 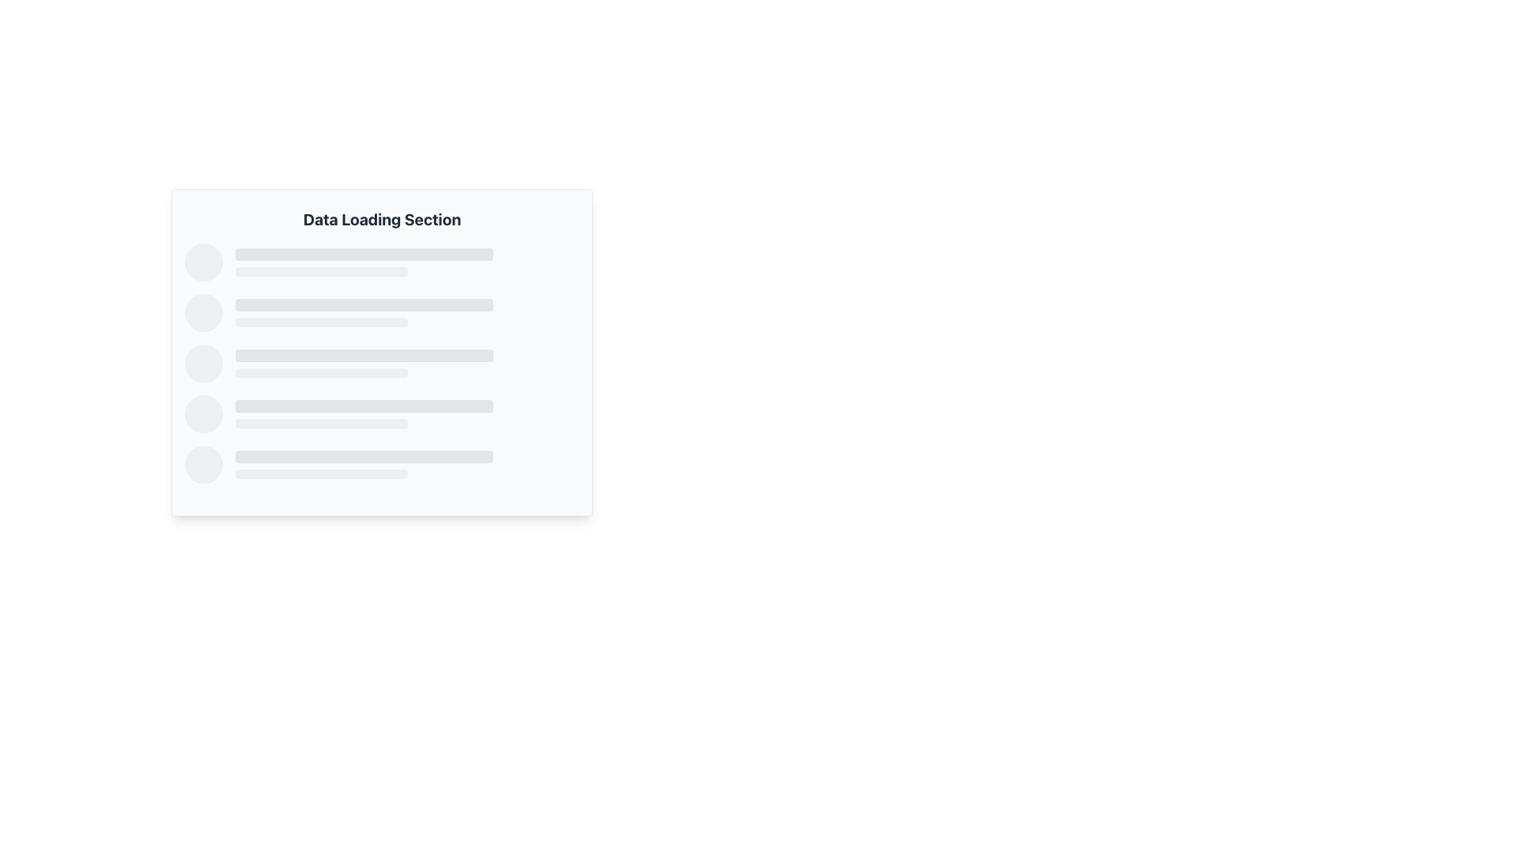 What do you see at coordinates (382, 363) in the screenshot?
I see `the third item in a vertical list of UI loading placeholders, which serves as a loading indicator for content being fetched` at bounding box center [382, 363].